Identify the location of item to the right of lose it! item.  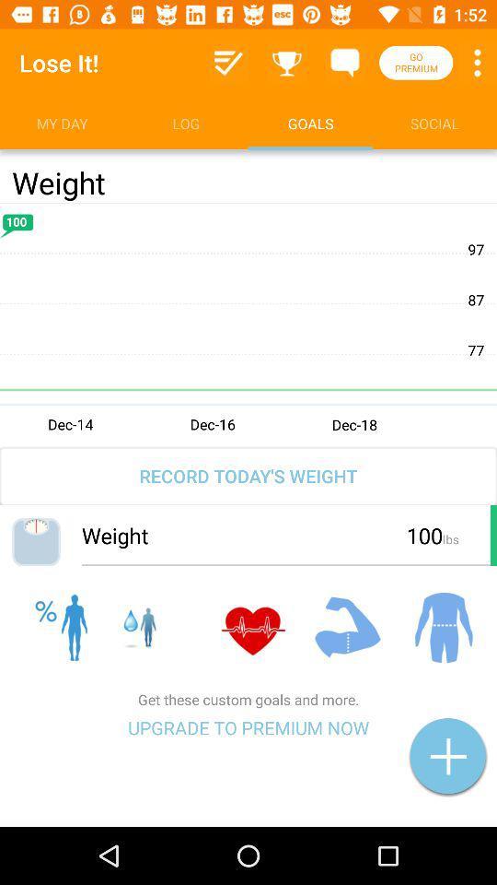
(228, 63).